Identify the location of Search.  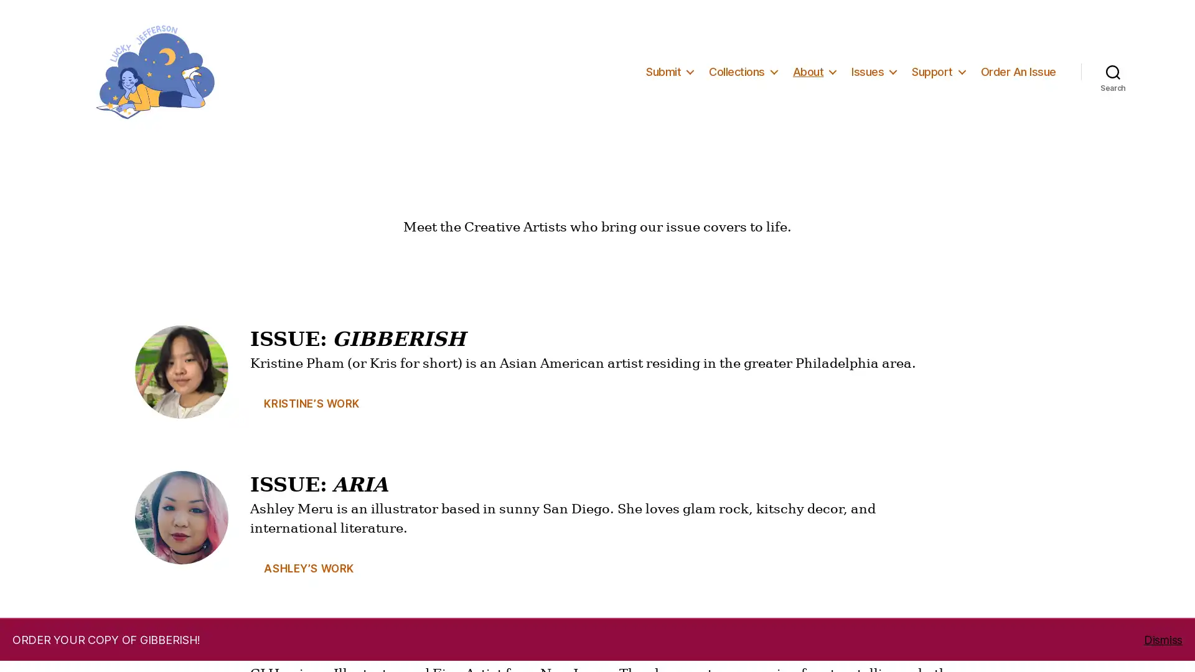
(1113, 72).